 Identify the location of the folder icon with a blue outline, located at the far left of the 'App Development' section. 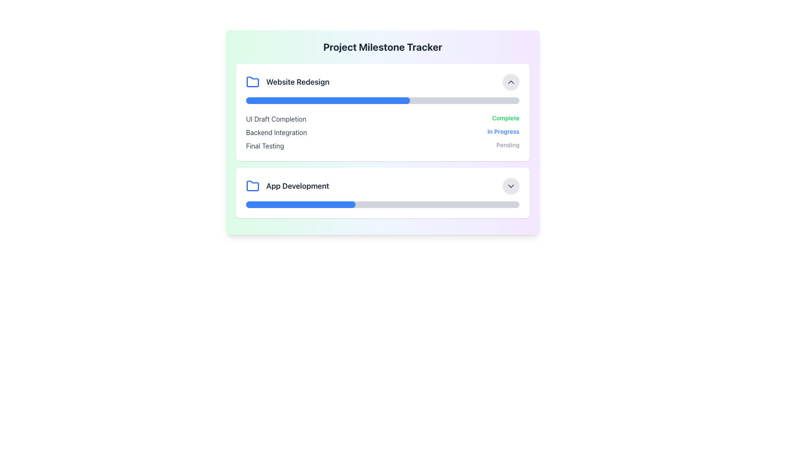
(252, 185).